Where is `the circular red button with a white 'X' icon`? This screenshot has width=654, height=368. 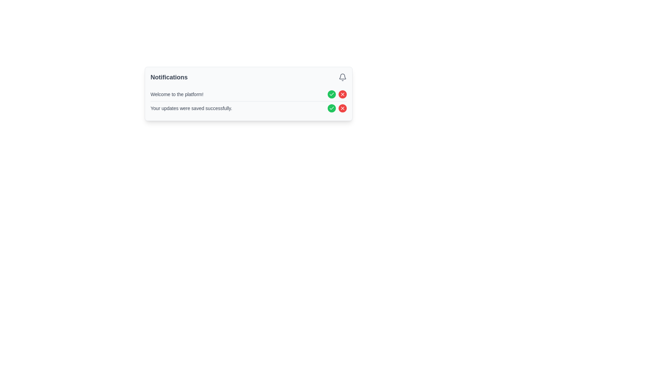
the circular red button with a white 'X' icon is located at coordinates (343, 108).